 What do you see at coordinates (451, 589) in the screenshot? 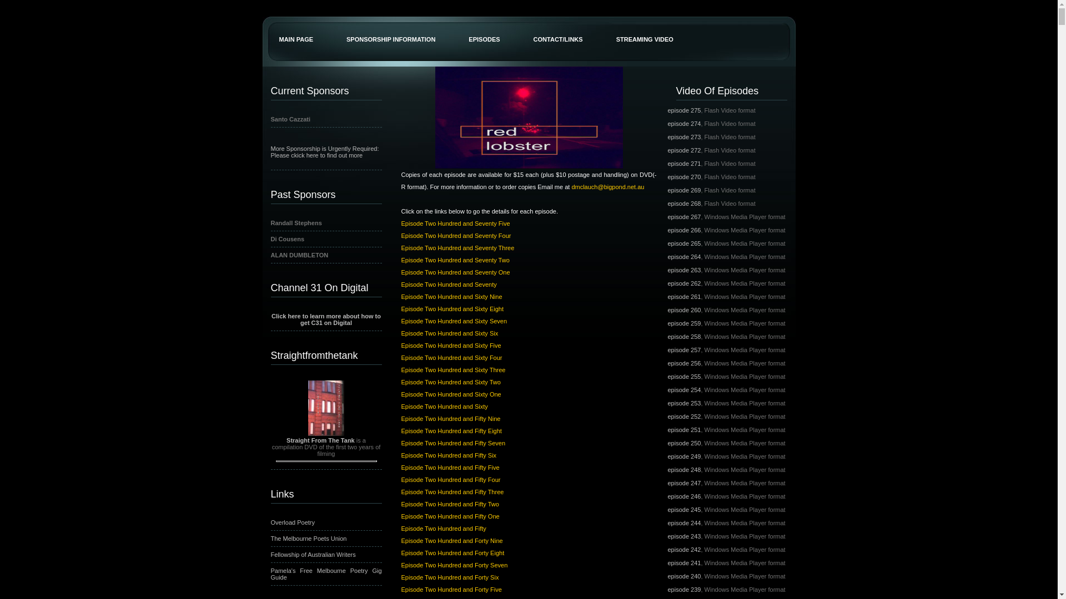
I see `'Episode Two Hundred and Forty Five'` at bounding box center [451, 589].